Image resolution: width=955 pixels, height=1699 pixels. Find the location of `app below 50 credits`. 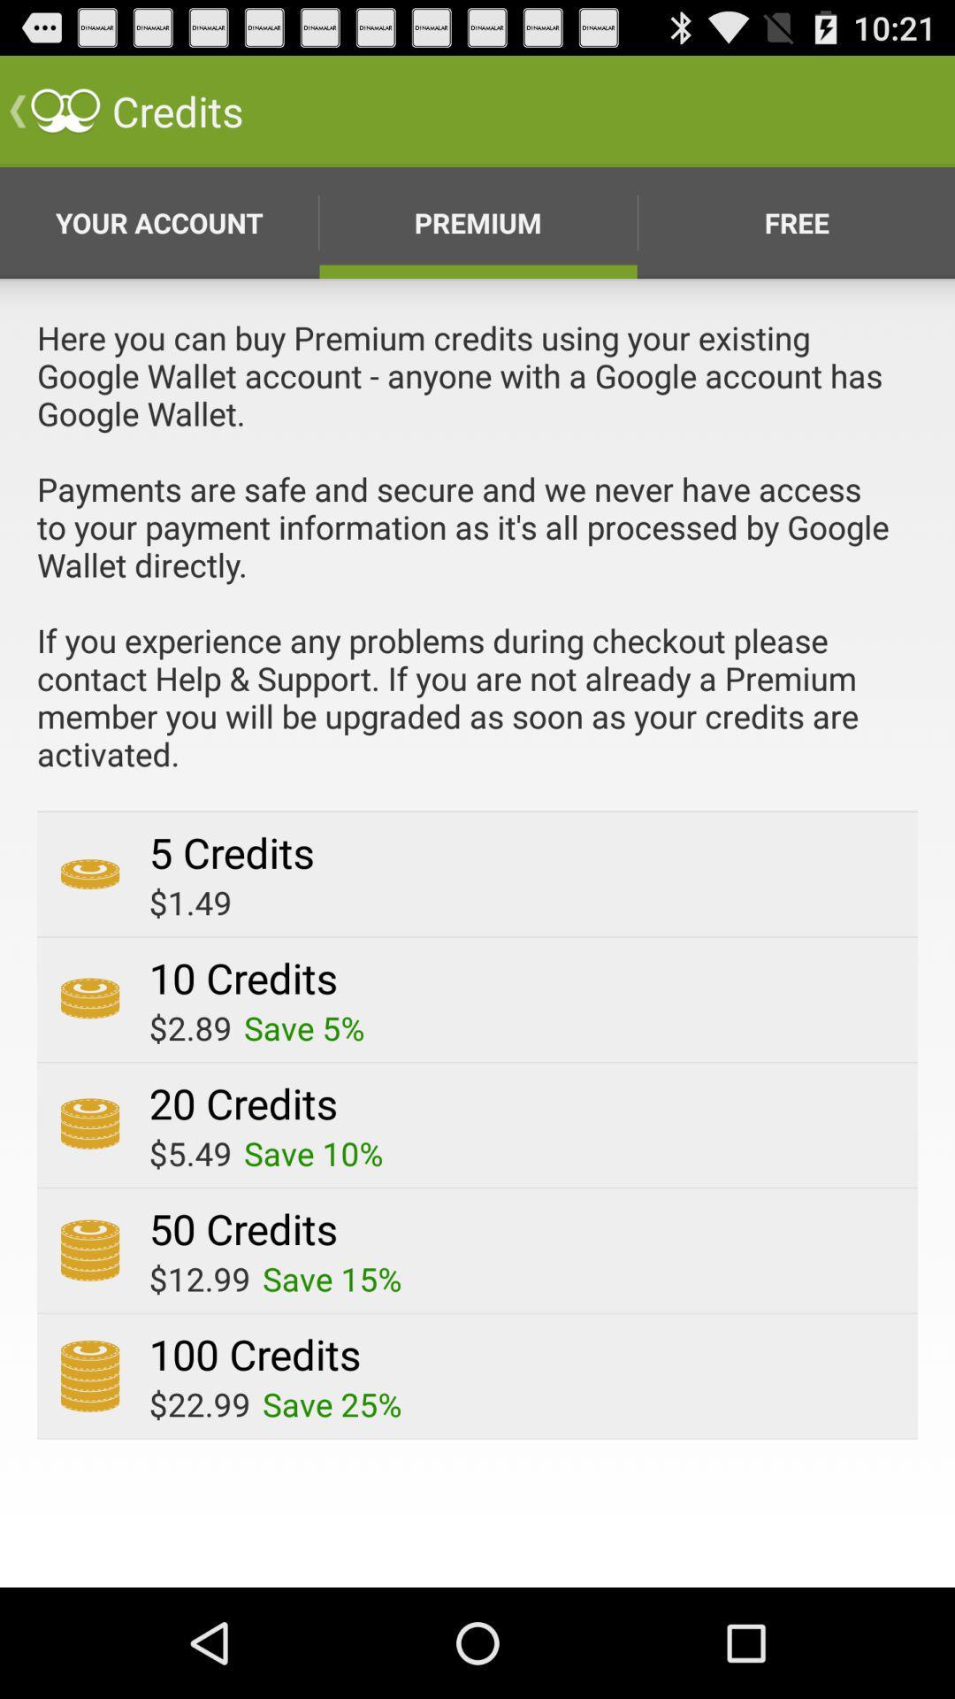

app below 50 credits is located at coordinates (332, 1279).